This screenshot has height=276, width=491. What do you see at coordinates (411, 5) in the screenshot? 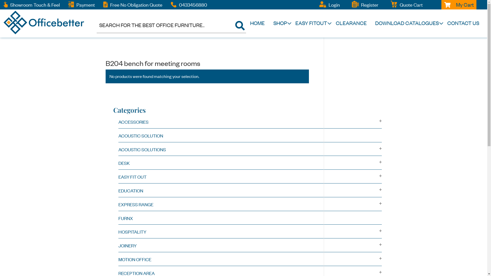
I see `'Quote Cart'` at bounding box center [411, 5].